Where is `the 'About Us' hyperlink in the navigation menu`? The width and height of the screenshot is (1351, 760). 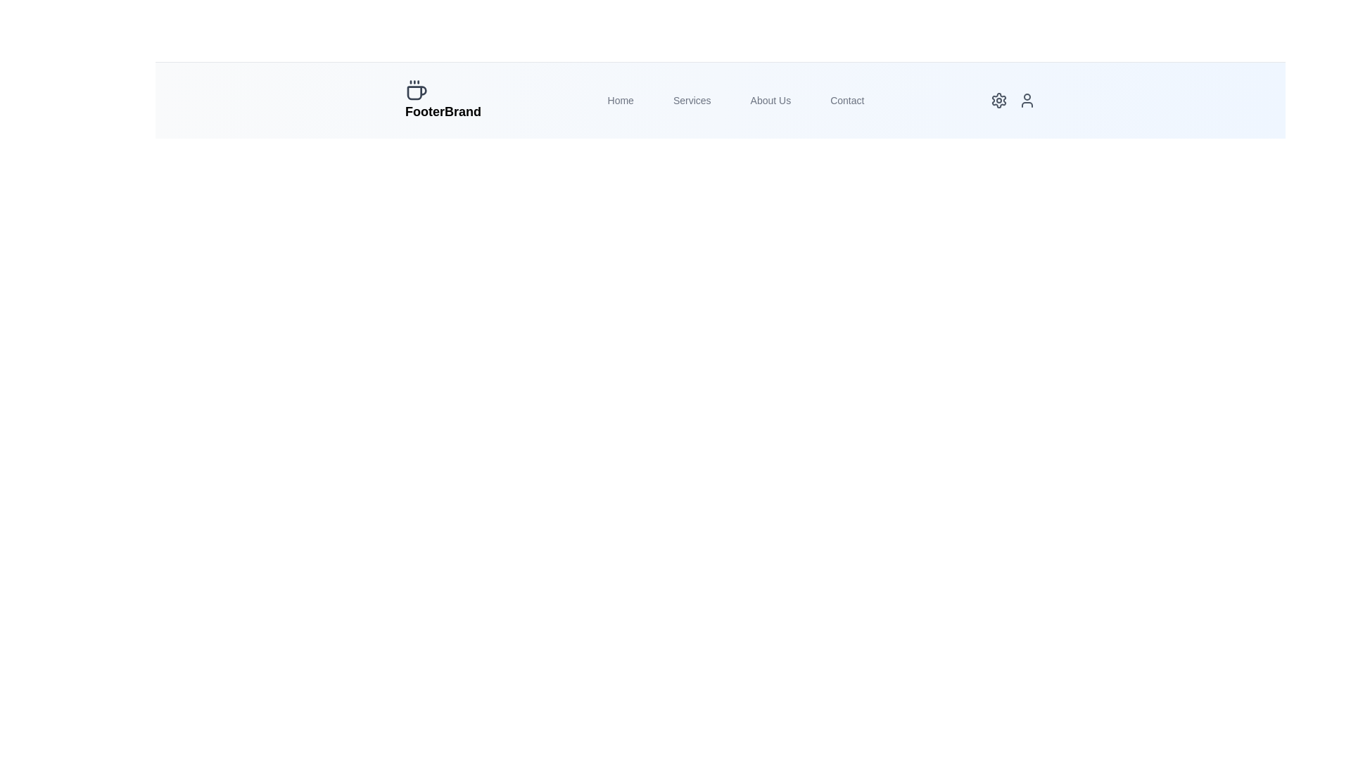 the 'About Us' hyperlink in the navigation menu is located at coordinates (770, 99).